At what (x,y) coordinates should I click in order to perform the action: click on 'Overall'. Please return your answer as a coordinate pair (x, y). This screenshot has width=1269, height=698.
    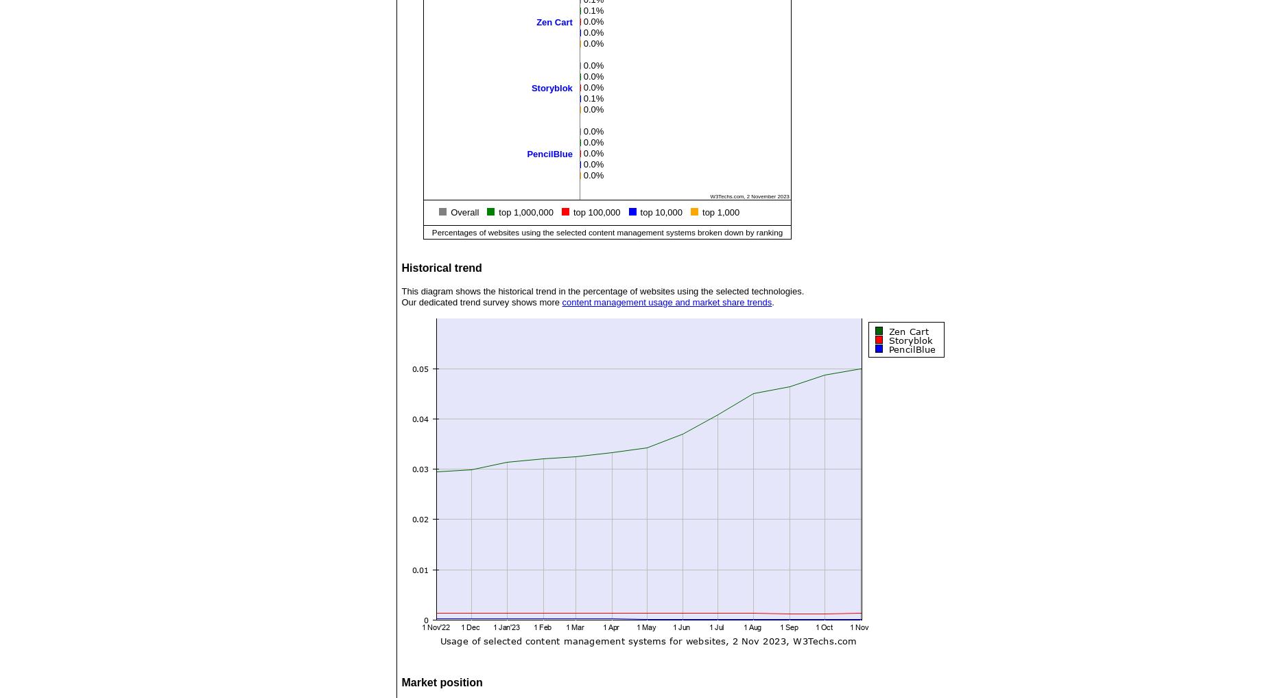
    Looking at the image, I should click on (450, 212).